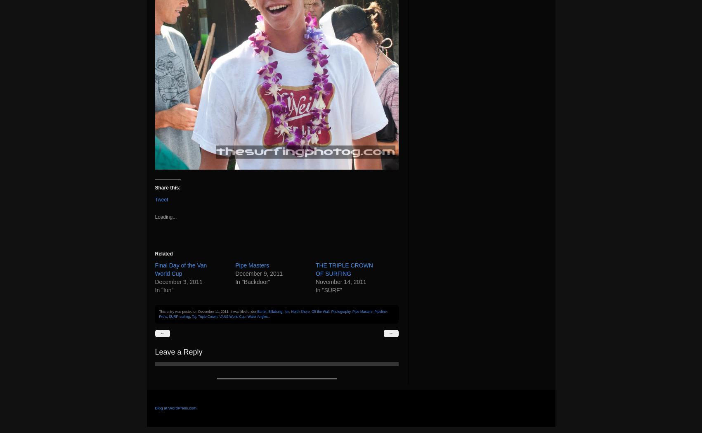  I want to click on 'VANS World Cup', so click(232, 316).